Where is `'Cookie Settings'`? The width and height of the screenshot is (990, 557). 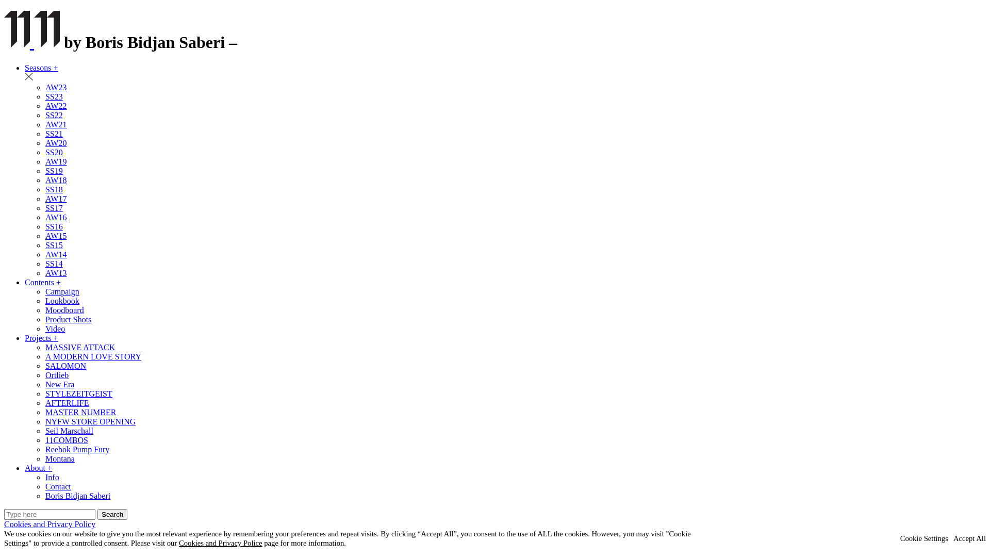
'Cookie Settings' is located at coordinates (900, 538).